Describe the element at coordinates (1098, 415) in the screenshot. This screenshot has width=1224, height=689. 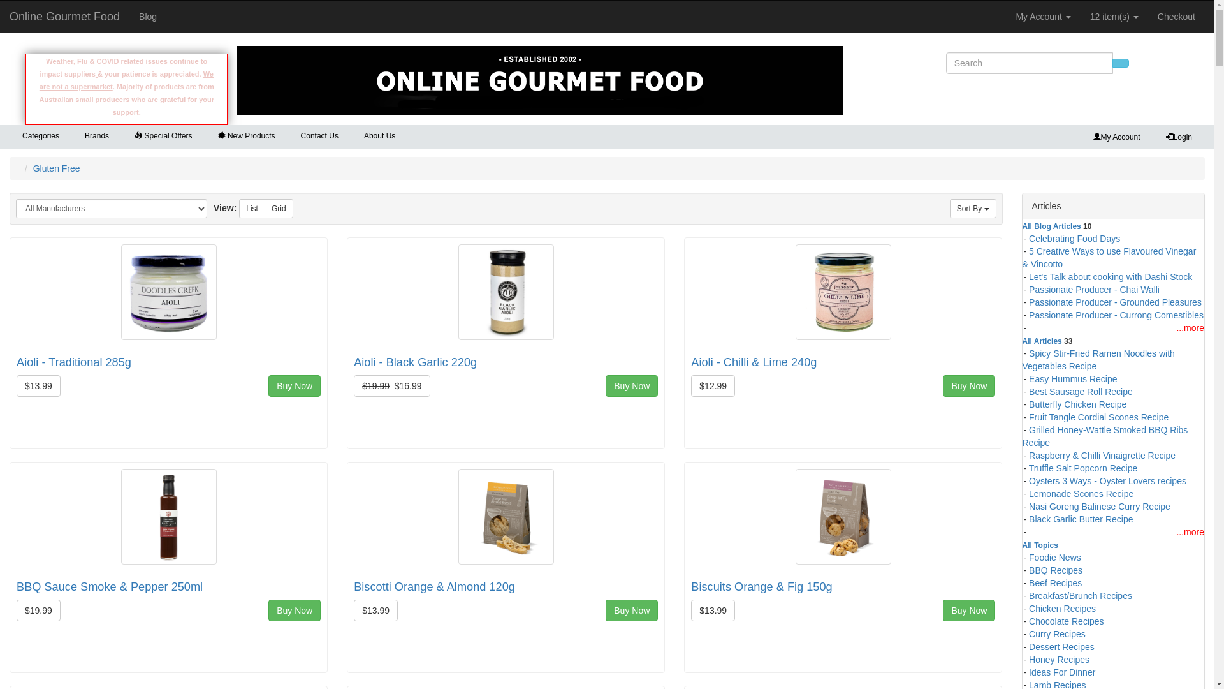
I see `'Fruit Tangle Cordial Scones Recipe'` at that location.